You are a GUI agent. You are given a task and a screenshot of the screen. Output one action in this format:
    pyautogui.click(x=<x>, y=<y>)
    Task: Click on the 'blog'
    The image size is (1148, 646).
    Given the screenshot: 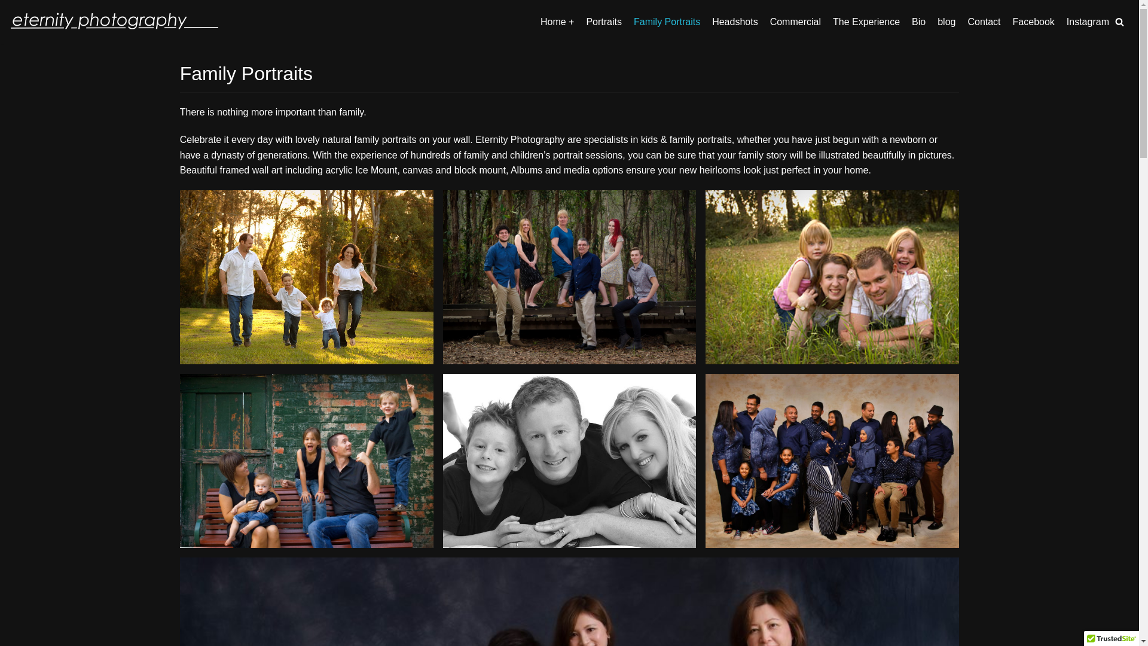 What is the action you would take?
    pyautogui.click(x=946, y=22)
    